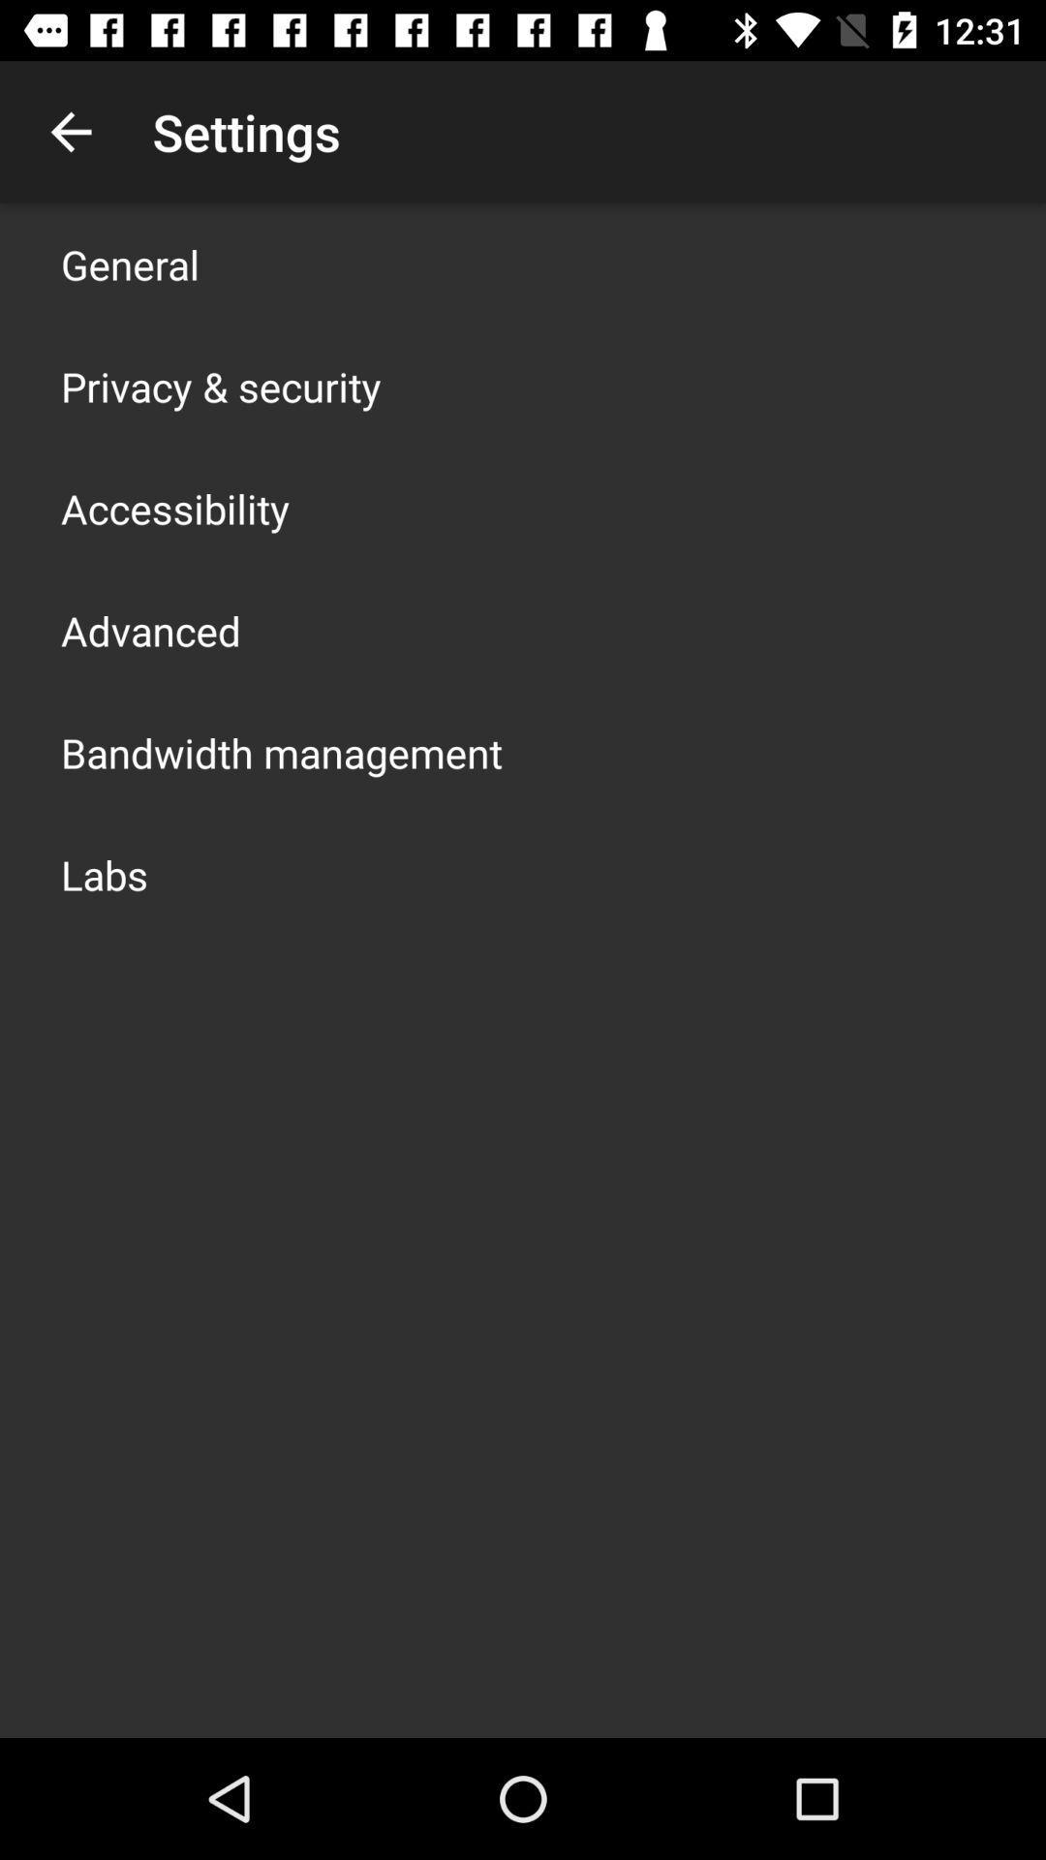 Image resolution: width=1046 pixels, height=1860 pixels. I want to click on the item below accessibility icon, so click(149, 631).